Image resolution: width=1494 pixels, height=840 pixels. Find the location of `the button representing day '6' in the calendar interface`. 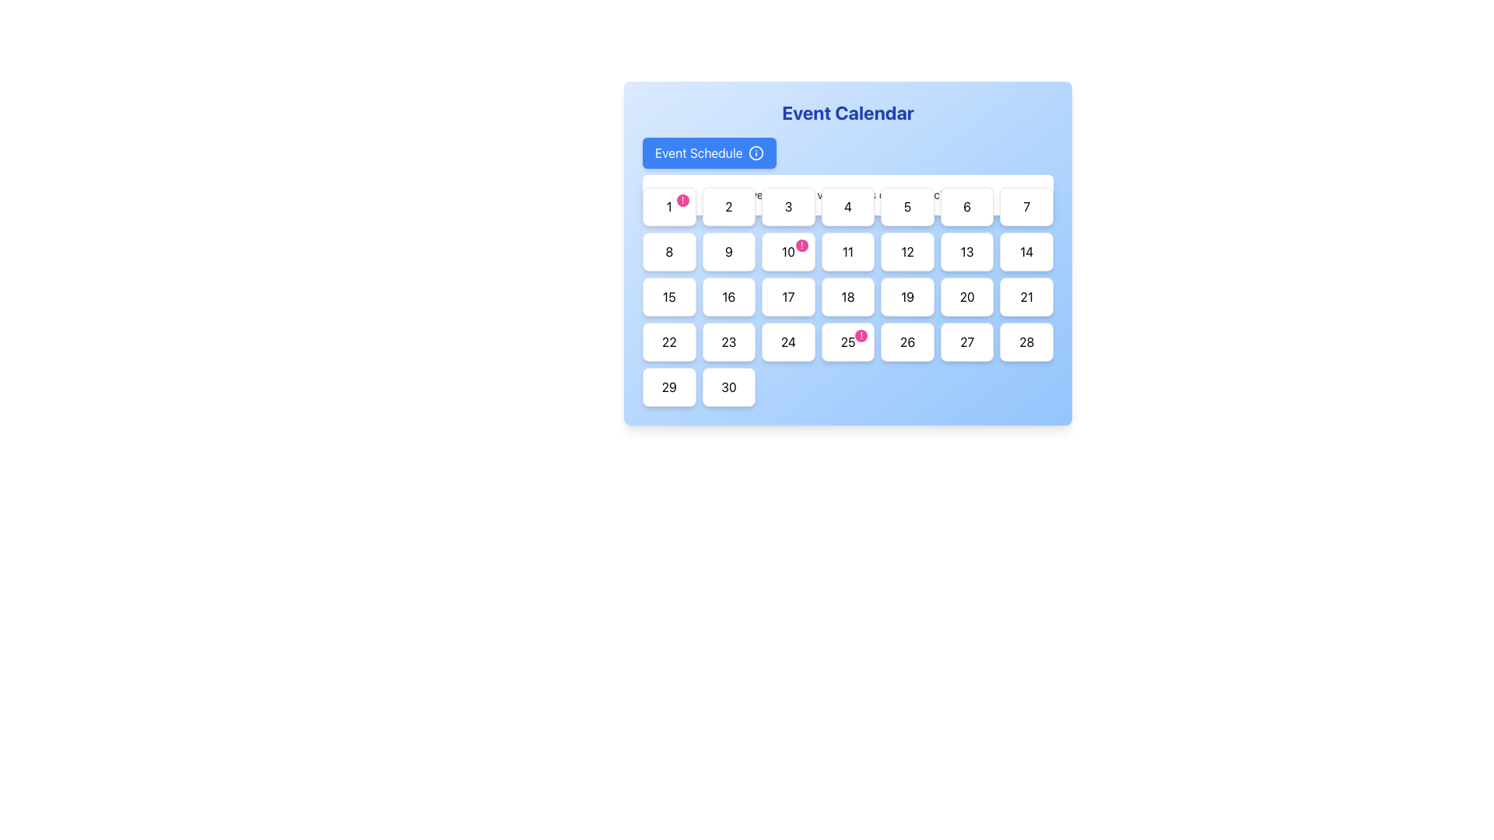

the button representing day '6' in the calendar interface is located at coordinates (966, 206).